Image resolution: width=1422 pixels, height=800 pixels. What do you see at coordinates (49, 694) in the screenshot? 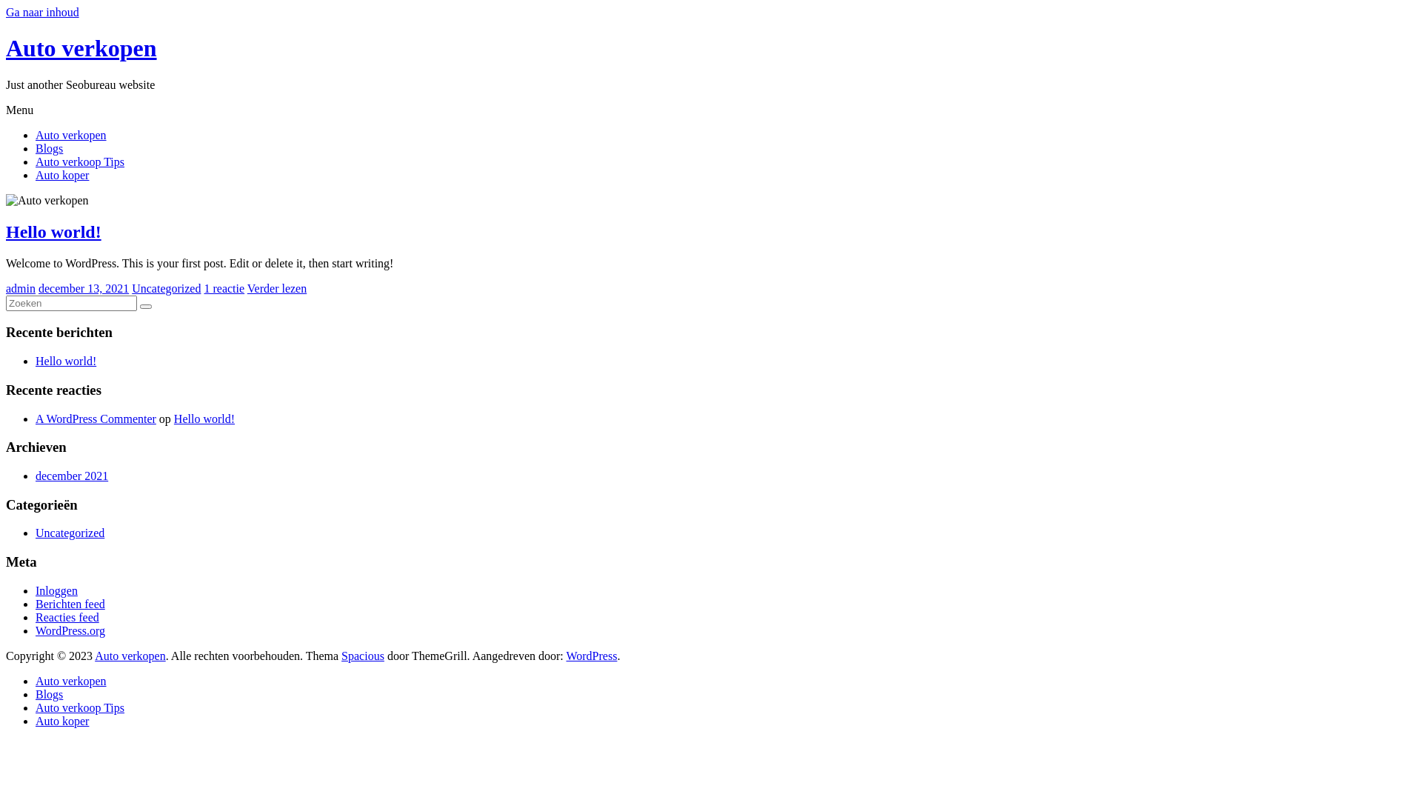
I see `'Blogs'` at bounding box center [49, 694].